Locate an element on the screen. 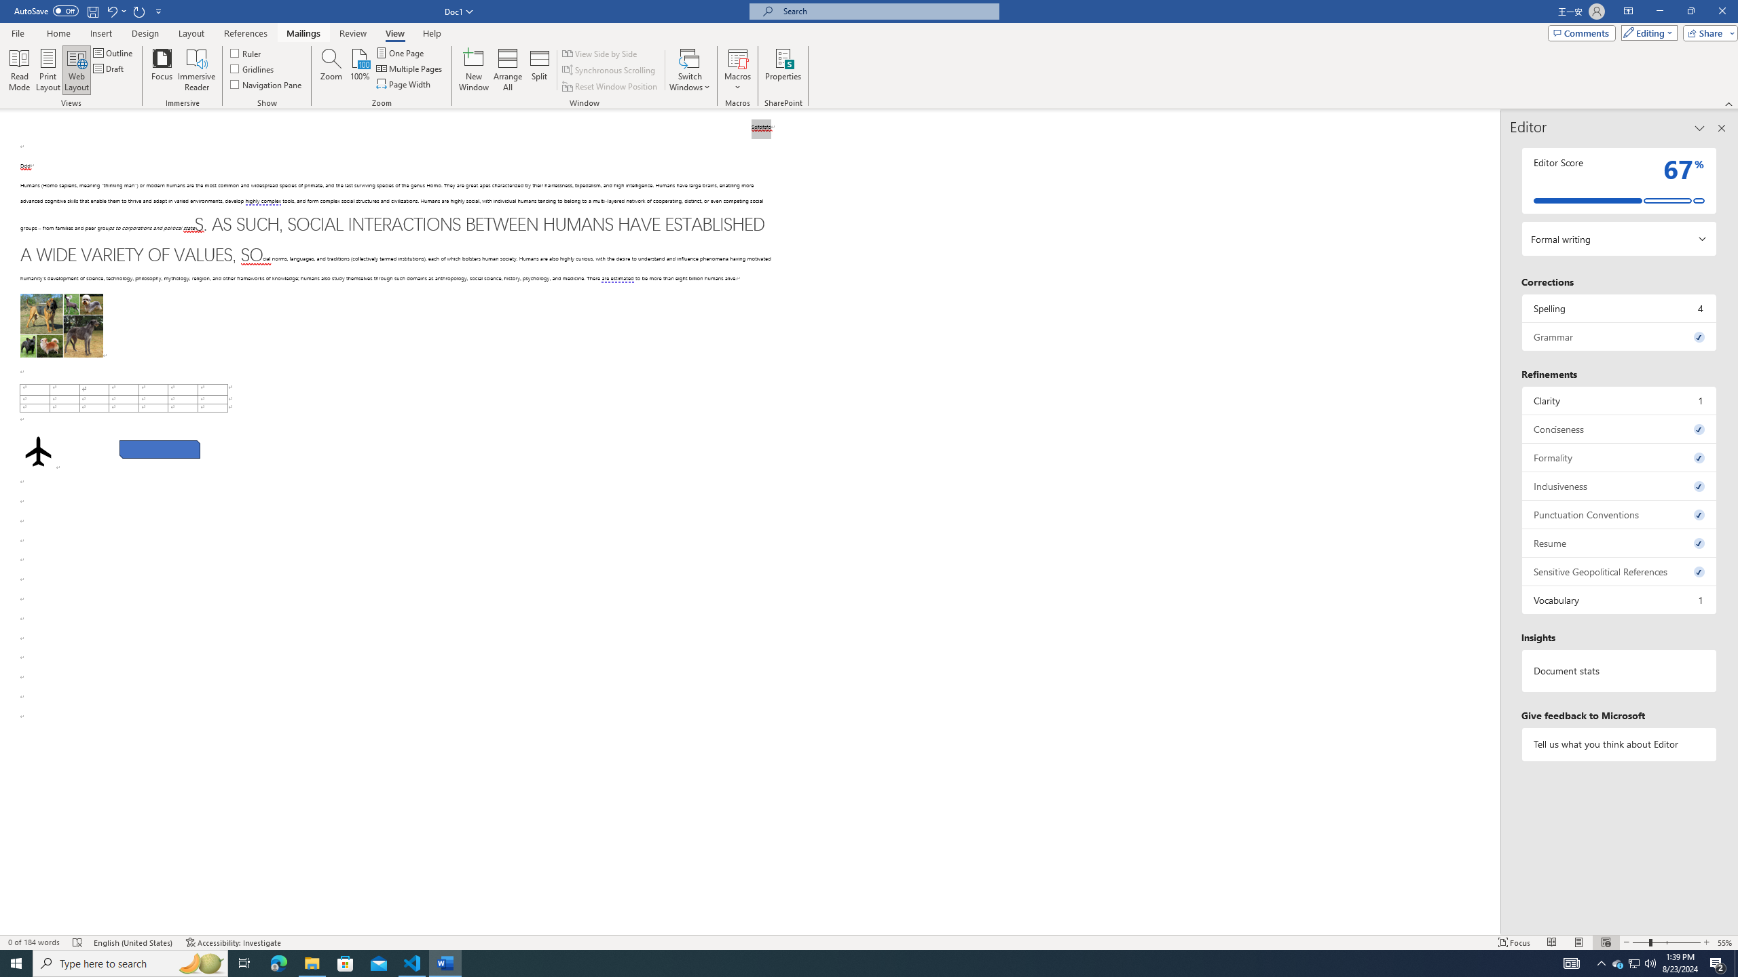 This screenshot has height=977, width=1738. 'Tell us what you think about Editor' is located at coordinates (1619, 744).